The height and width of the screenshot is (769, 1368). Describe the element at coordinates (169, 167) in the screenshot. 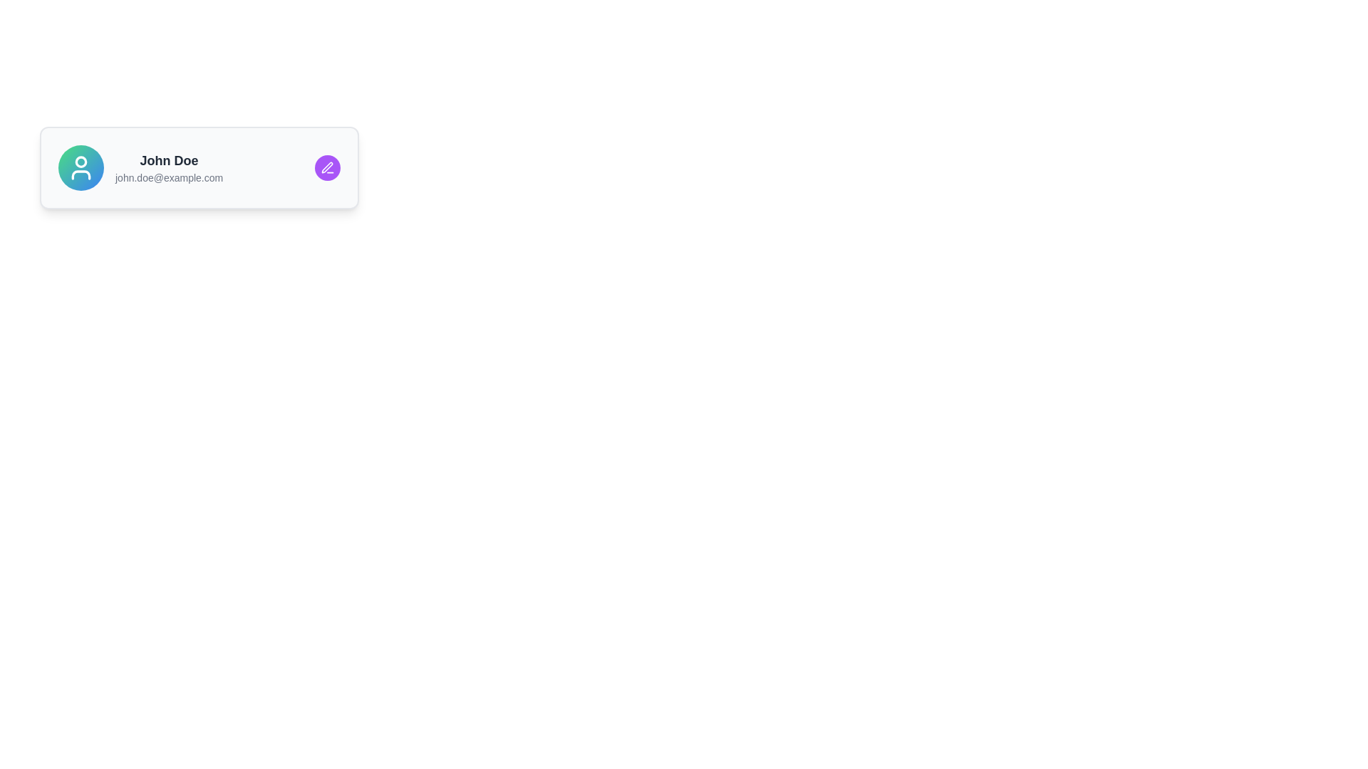

I see `the text block displaying the name and email address of a person, located to the right of a circular icon and to the left of a purple circular button with a pen icon` at that location.